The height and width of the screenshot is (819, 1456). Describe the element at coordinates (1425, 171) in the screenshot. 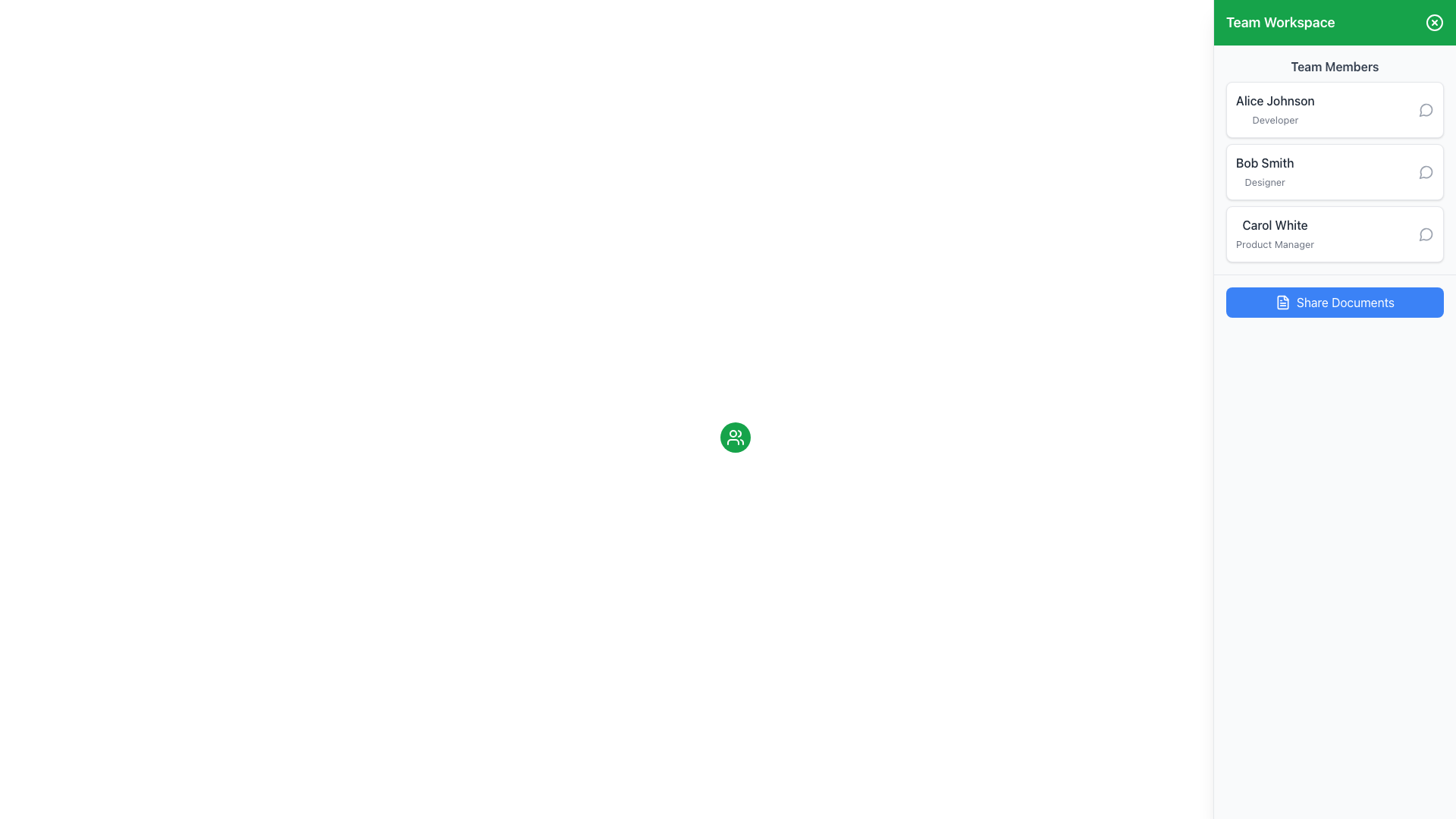

I see `the chat bubble icon located beside 'Bob Smith' in the 'Team Members' section of the 'Team Workspace'` at that location.